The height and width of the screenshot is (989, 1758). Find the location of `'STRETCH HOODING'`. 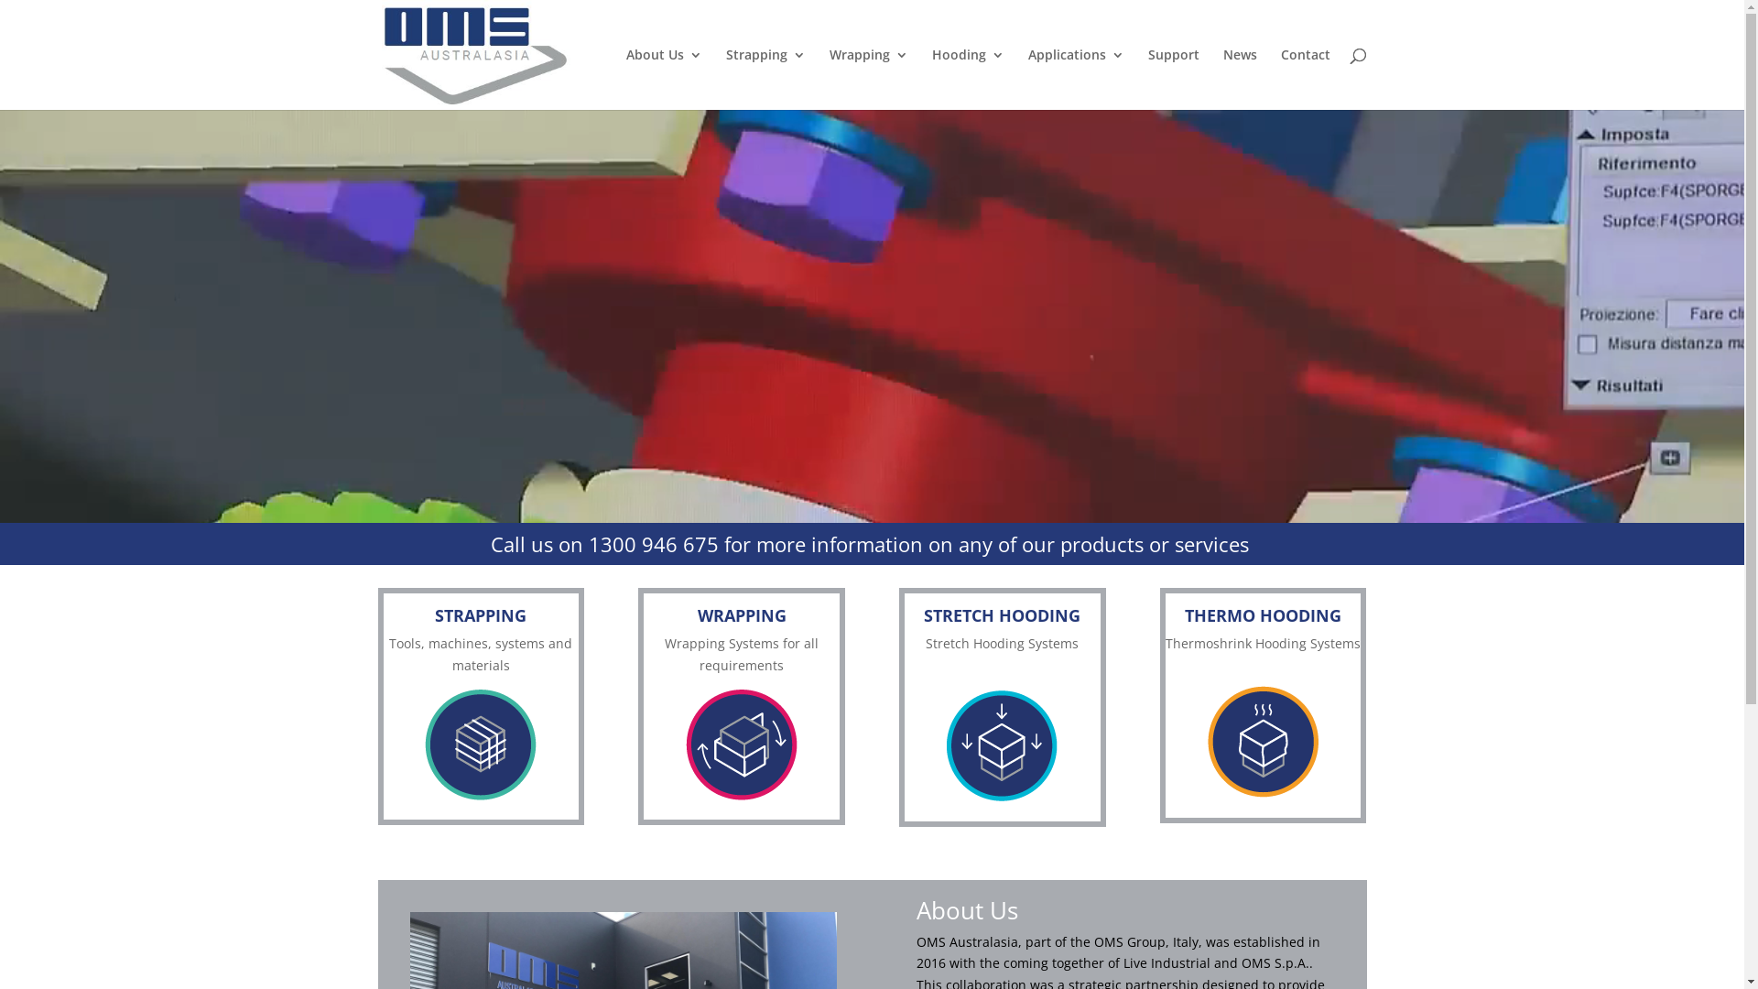

'STRETCH HOODING' is located at coordinates (1001, 614).